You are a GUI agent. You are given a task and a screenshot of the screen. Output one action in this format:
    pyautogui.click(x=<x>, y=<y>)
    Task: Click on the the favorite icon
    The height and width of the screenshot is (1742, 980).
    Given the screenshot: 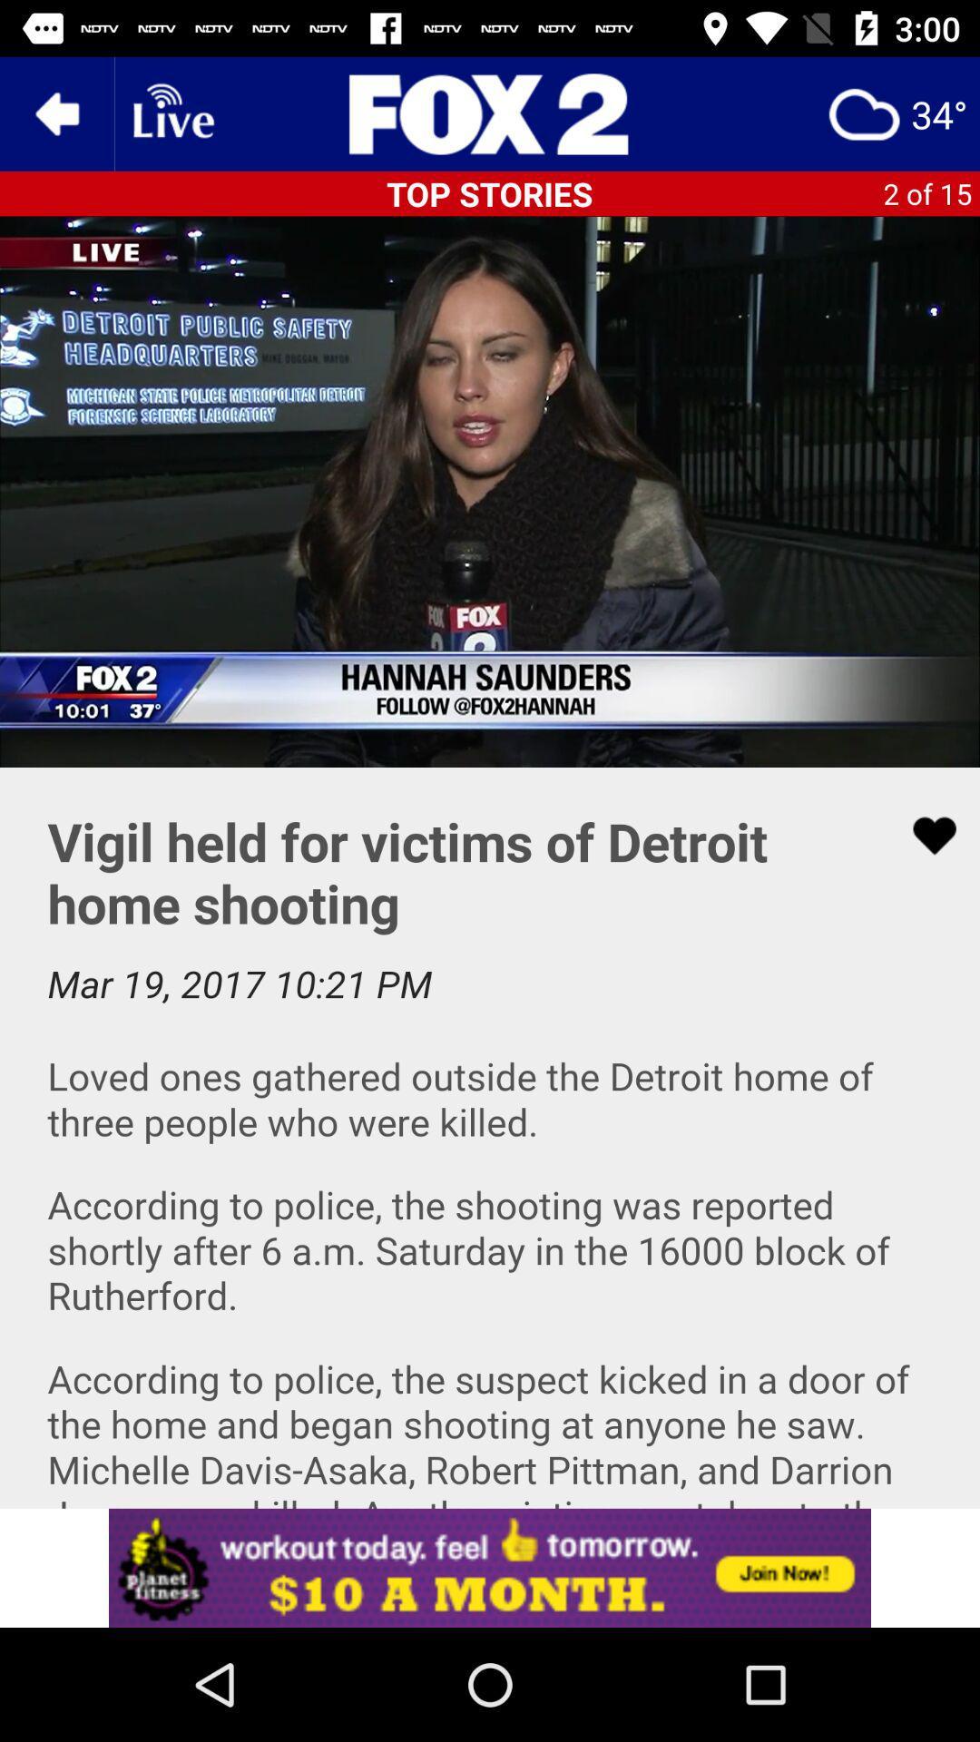 What is the action you would take?
    pyautogui.click(x=923, y=835)
    